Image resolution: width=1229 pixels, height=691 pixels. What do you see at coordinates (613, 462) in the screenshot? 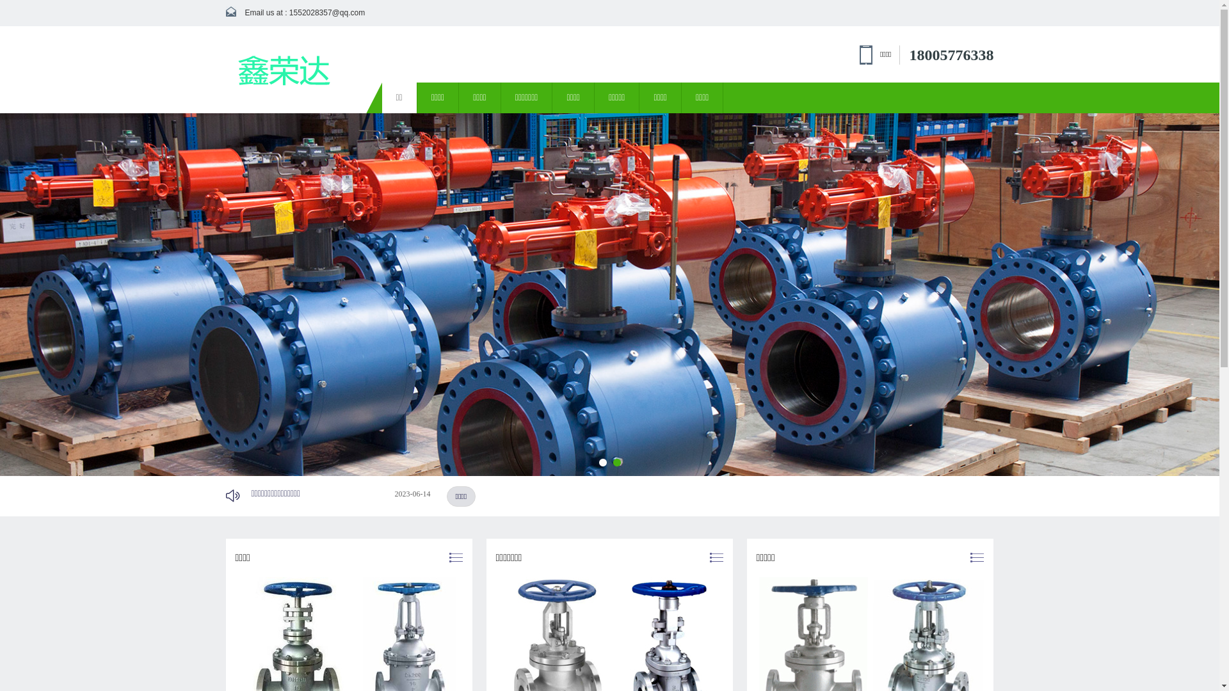
I see `'2'` at bounding box center [613, 462].